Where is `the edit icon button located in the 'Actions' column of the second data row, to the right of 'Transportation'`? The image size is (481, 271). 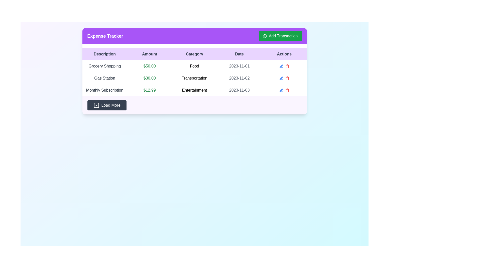 the edit icon button located in the 'Actions' column of the second data row, to the right of 'Transportation' is located at coordinates (281, 66).